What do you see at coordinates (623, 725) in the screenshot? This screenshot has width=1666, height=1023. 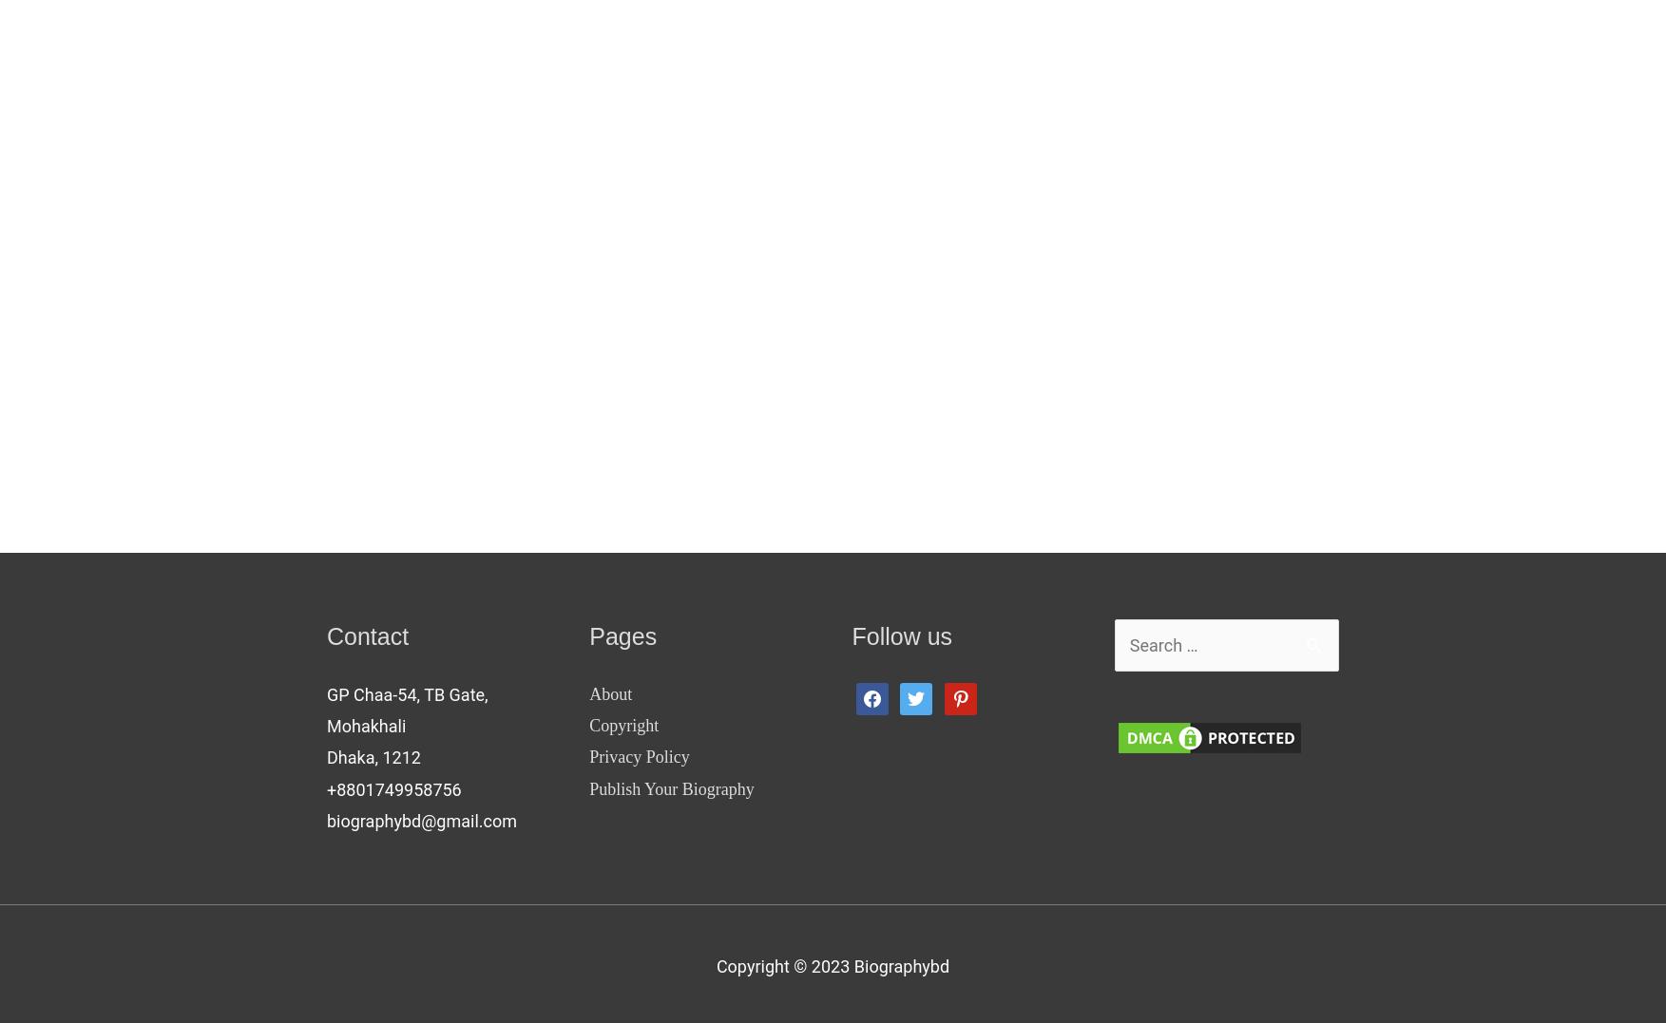 I see `'Copyright'` at bounding box center [623, 725].